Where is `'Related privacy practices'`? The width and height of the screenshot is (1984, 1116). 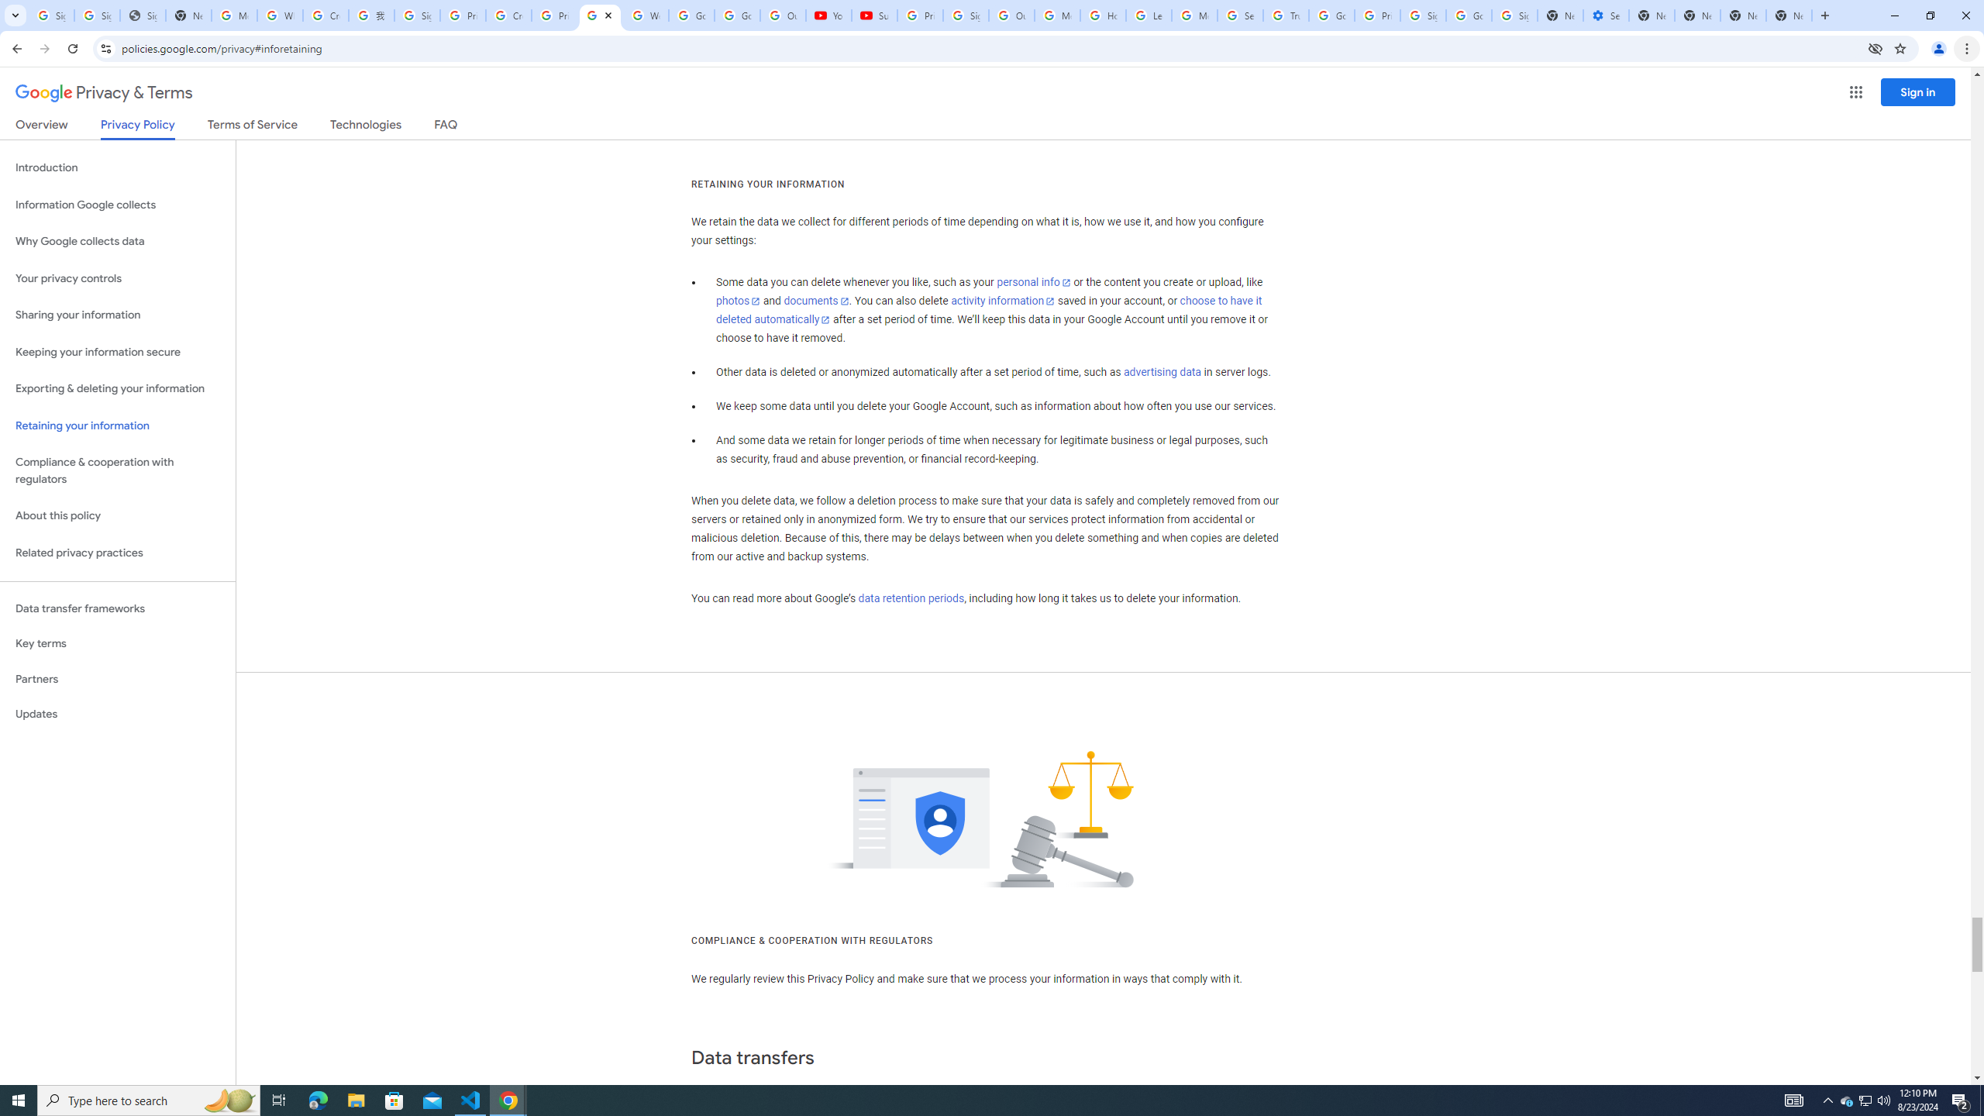
'Related privacy practices' is located at coordinates (117, 552).